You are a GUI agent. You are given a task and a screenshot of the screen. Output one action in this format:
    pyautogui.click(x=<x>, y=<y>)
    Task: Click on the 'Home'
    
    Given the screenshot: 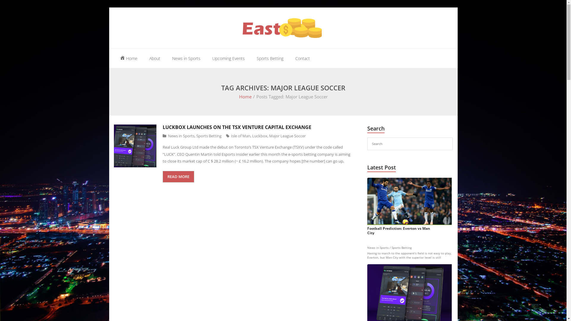 What is the action you would take?
    pyautogui.click(x=128, y=58)
    